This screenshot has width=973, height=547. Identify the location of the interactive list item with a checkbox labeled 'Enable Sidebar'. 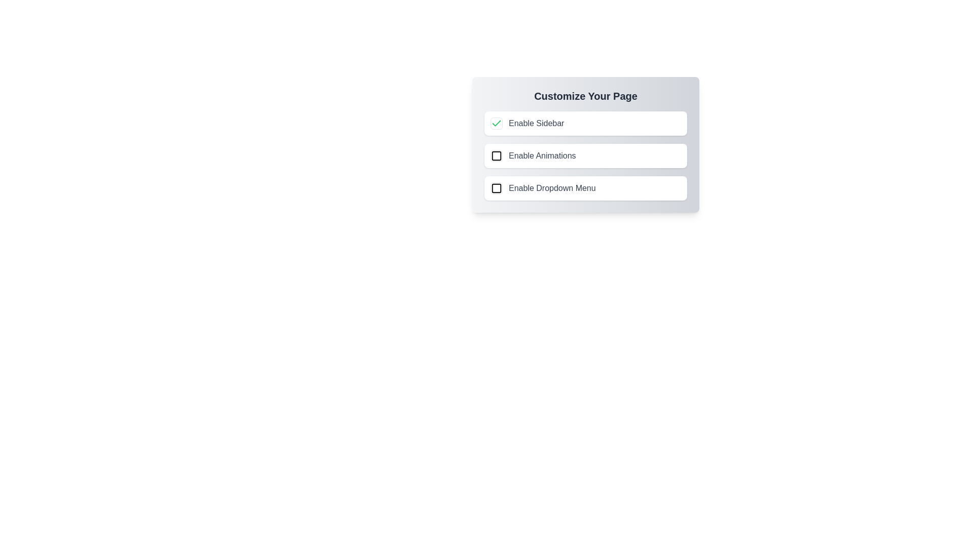
(586, 123).